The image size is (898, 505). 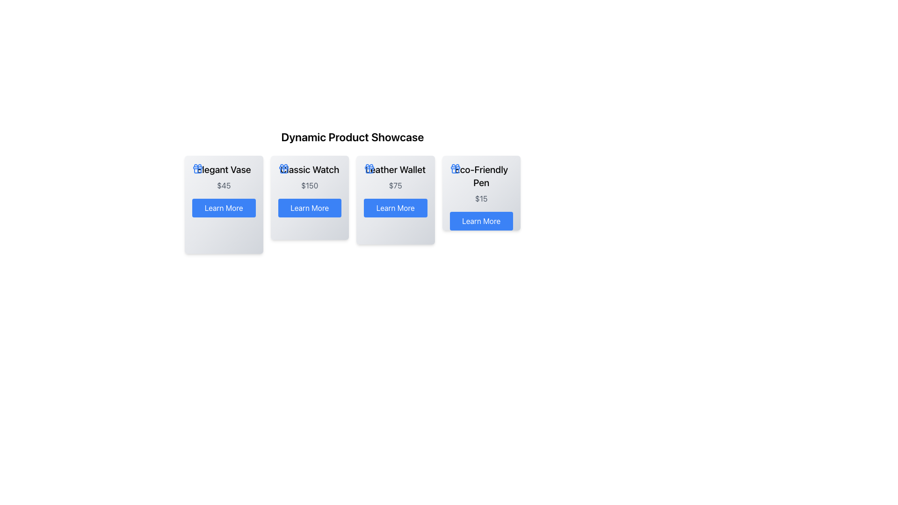 I want to click on gift indicator icon located at the top-left of the 'Elegant Vase' card component, positioned above the title text, so click(x=197, y=169).